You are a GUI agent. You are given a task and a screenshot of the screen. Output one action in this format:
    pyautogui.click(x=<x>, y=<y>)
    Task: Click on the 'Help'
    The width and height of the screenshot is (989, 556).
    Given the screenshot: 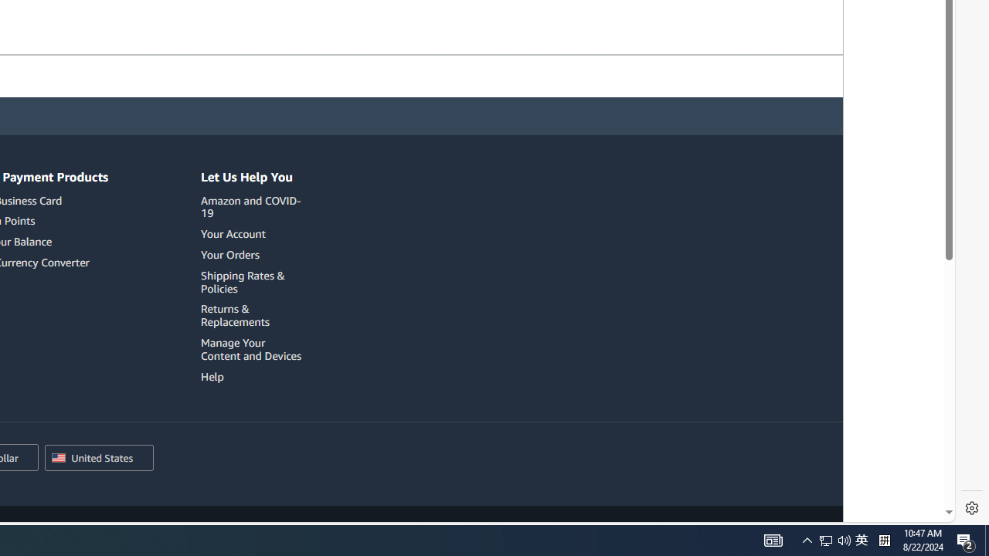 What is the action you would take?
    pyautogui.click(x=212, y=376)
    